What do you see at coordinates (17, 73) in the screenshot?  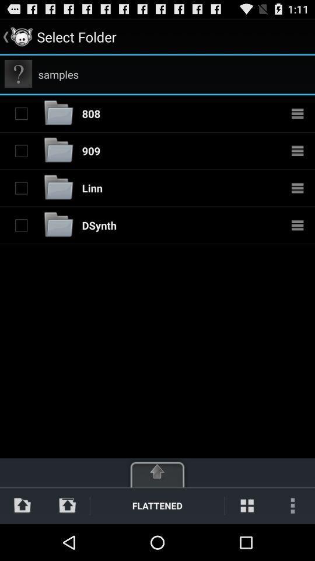 I see `the app next to the samples item` at bounding box center [17, 73].